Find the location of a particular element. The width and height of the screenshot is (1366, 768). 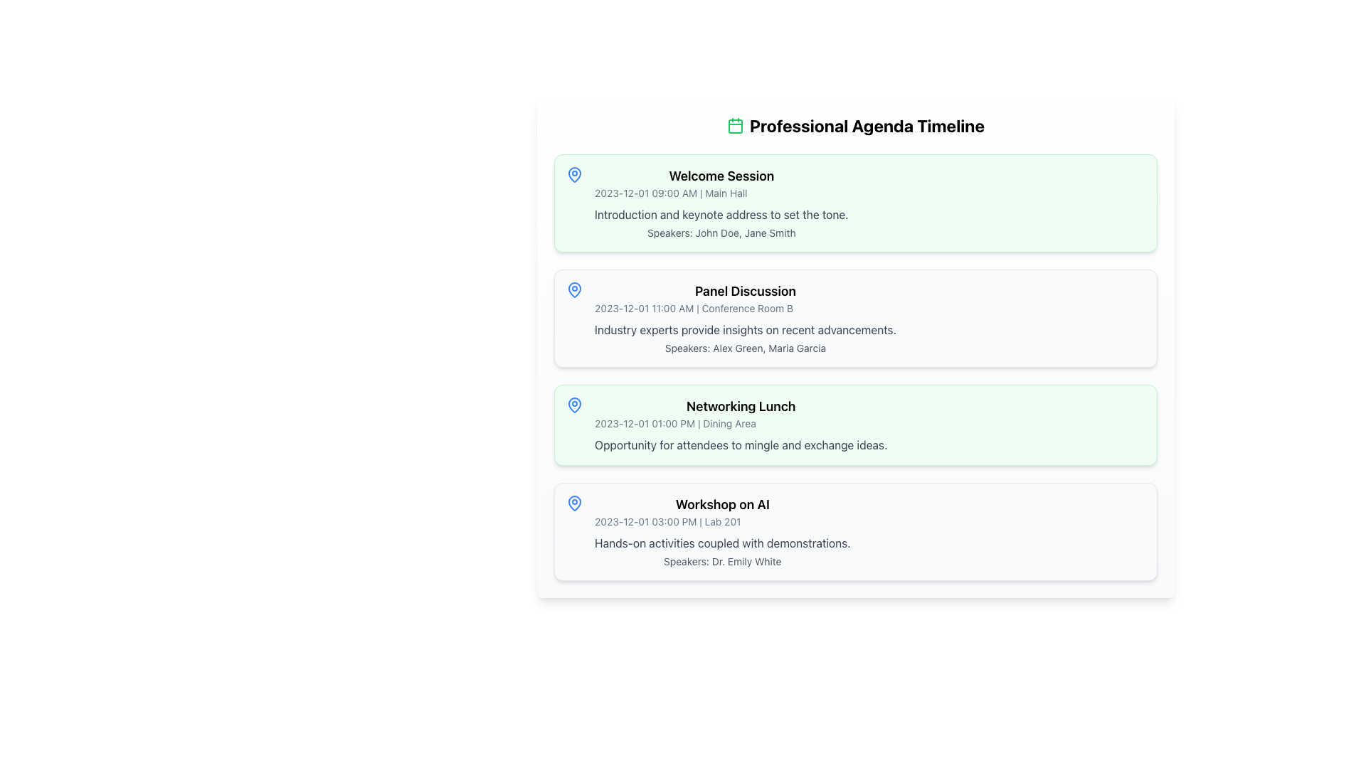

the visual marker for the 'Panel Discussion' event located in the timeline card listing events is located at coordinates (574, 289).